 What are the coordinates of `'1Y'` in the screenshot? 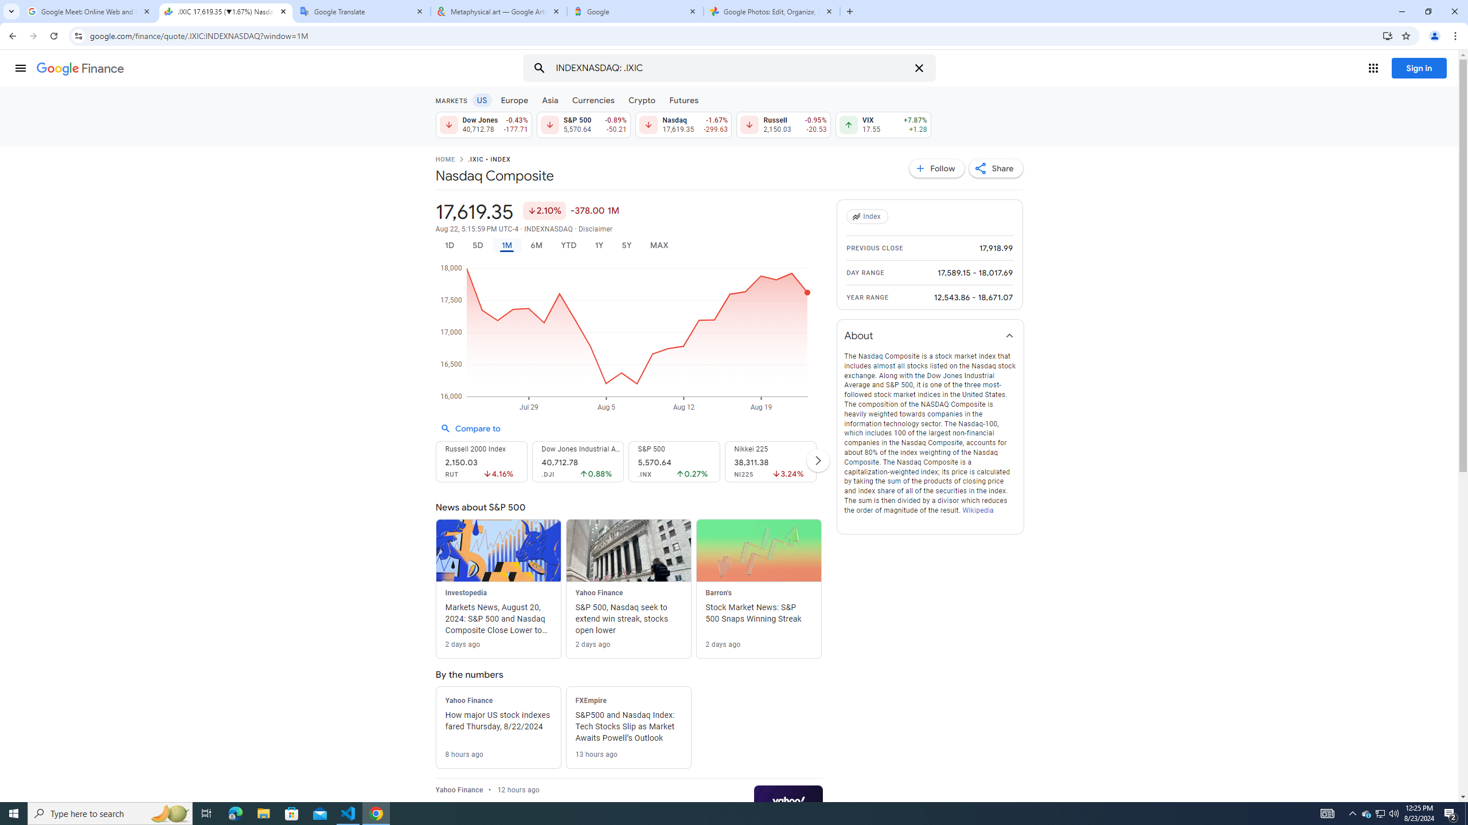 It's located at (599, 245).